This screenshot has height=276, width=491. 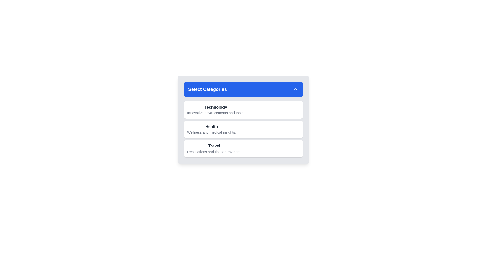 I want to click on 'Health' category label and its description which provides wellness and medical insights, located as the second item in a vertical list of categories, so click(x=211, y=129).